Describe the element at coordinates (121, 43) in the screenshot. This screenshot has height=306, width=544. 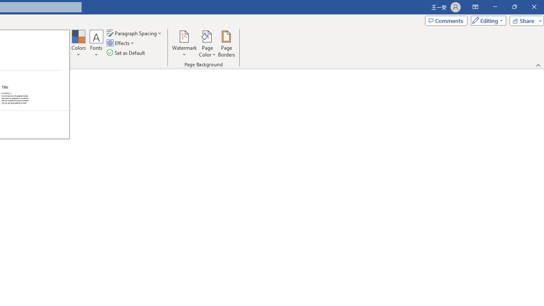
I see `'Effects'` at that location.